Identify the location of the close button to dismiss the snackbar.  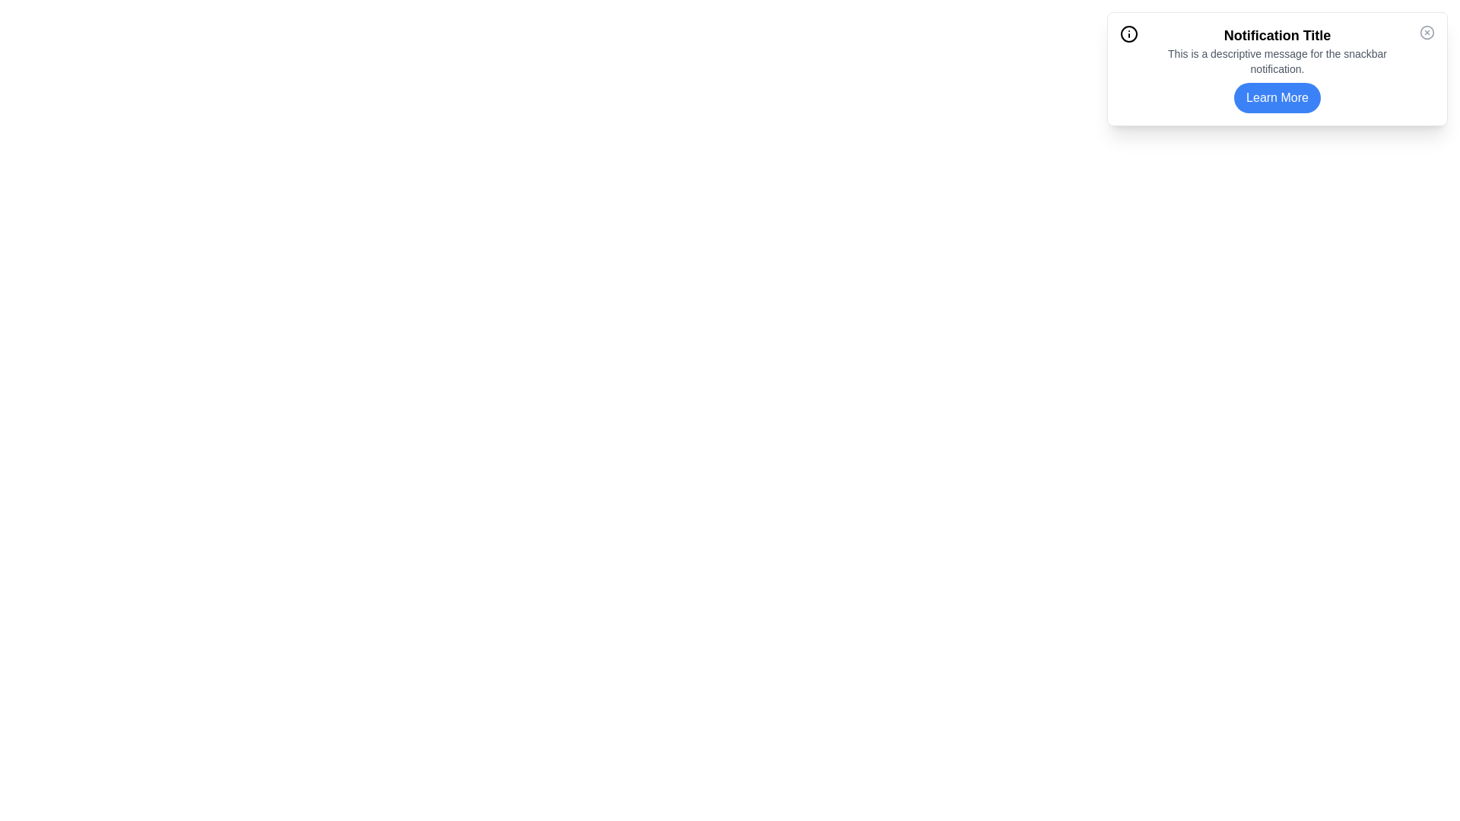
(1426, 32).